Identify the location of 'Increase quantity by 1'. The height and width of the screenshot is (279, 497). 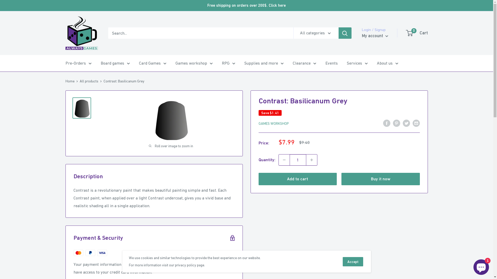
(311, 159).